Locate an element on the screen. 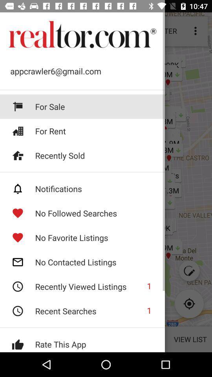 This screenshot has width=212, height=377. the location_crosshair icon is located at coordinates (189, 303).